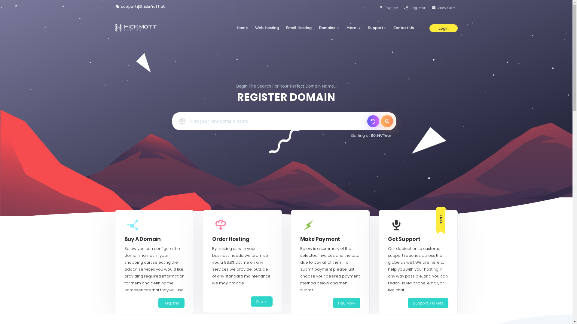 This screenshot has height=324, width=577. Describe the element at coordinates (403, 28) in the screenshot. I see `'Contact Us'` at that location.